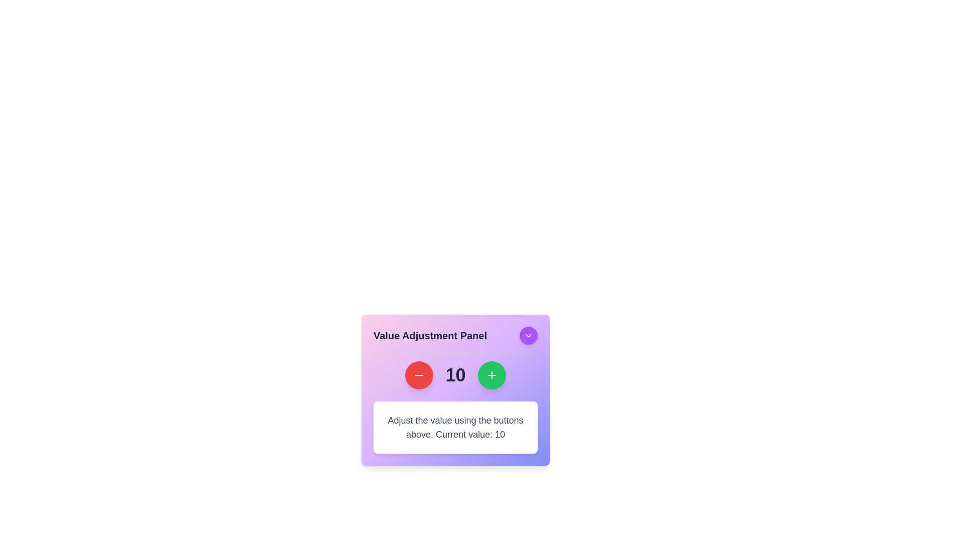 This screenshot has height=542, width=964. Describe the element at coordinates (455, 428) in the screenshot. I see `the text block with a white background and rounded edges that contains the message 'Adjust the value using the buttons above. Current value: 10'` at that location.